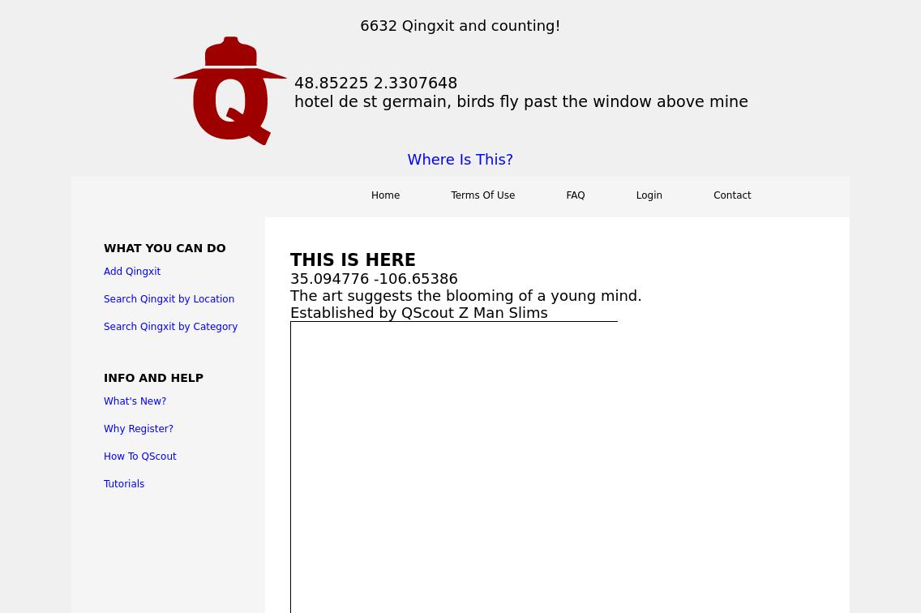 The image size is (921, 613). What do you see at coordinates (418, 312) in the screenshot?
I see `'Established by QScout Z Man Slims'` at bounding box center [418, 312].